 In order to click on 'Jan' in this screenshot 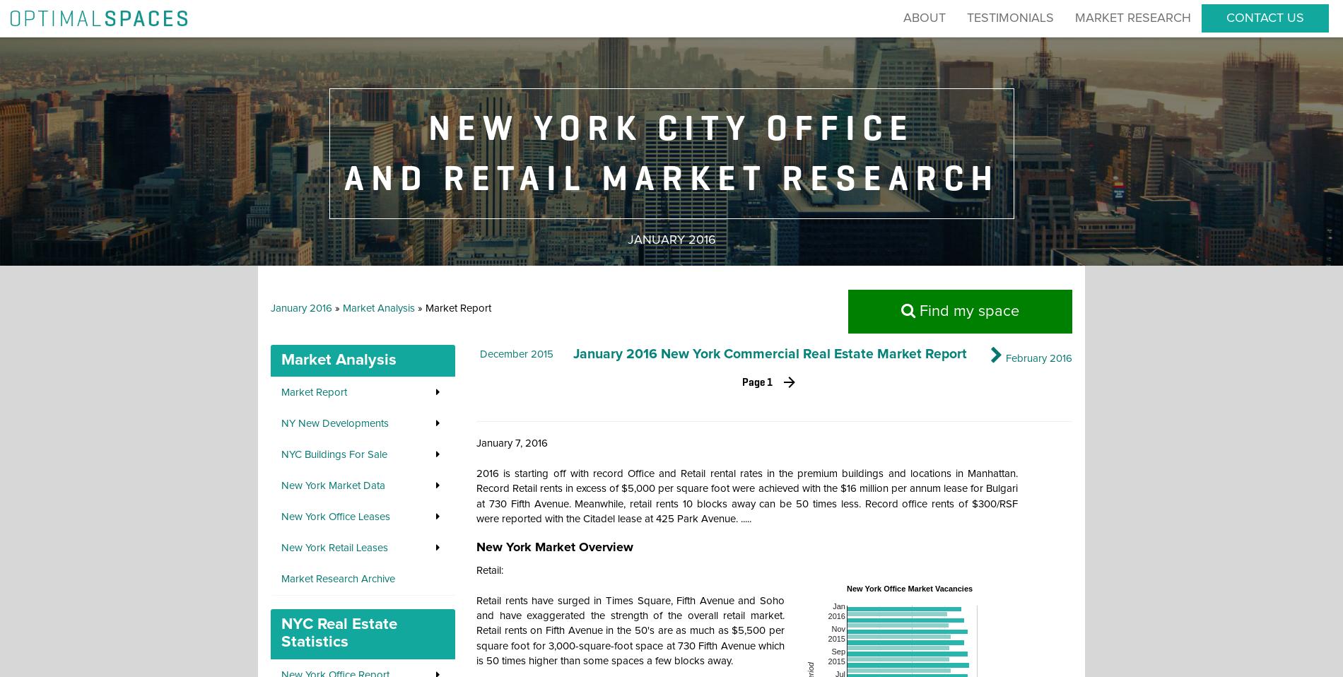, I will do `click(838, 605)`.